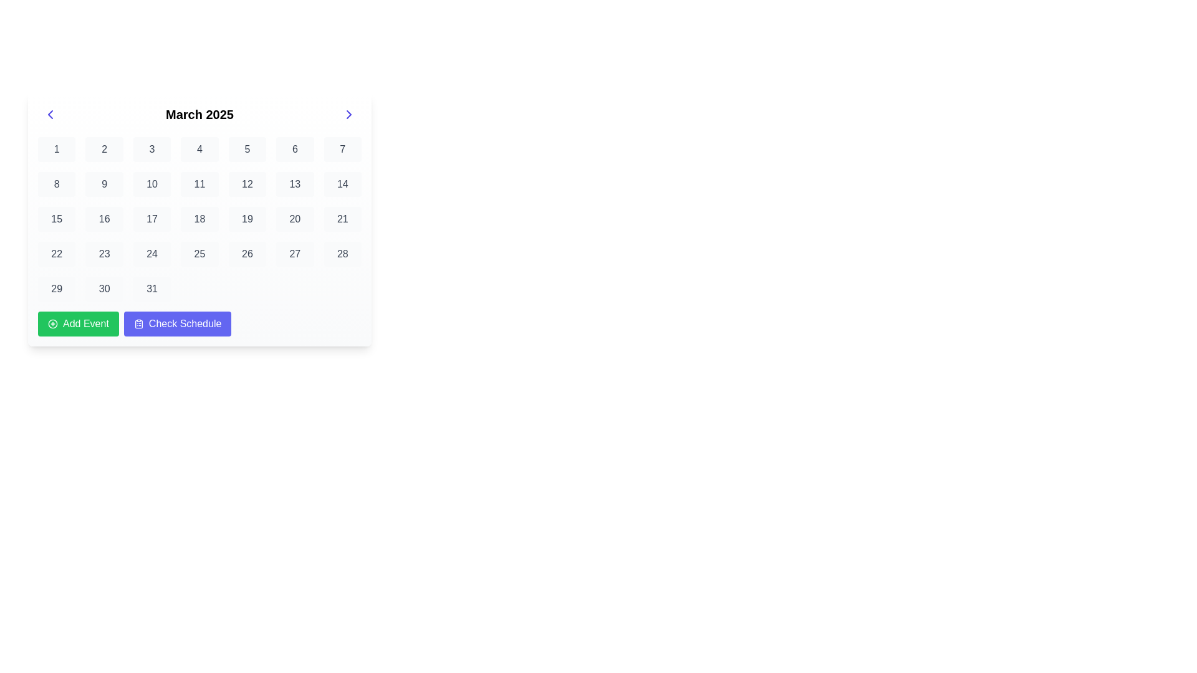  What do you see at coordinates (52, 323) in the screenshot?
I see `the decorative icon within the 'Add Event' button, which serves as a visual cue for creating or adding a new event in the calendar` at bounding box center [52, 323].